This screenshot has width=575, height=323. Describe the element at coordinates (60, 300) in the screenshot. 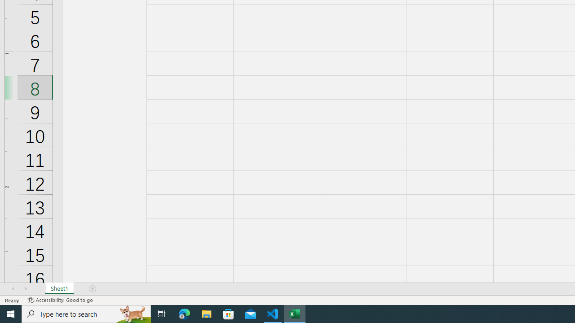

I see `'Accessibility Checker Accessibility: Good to go'` at that location.